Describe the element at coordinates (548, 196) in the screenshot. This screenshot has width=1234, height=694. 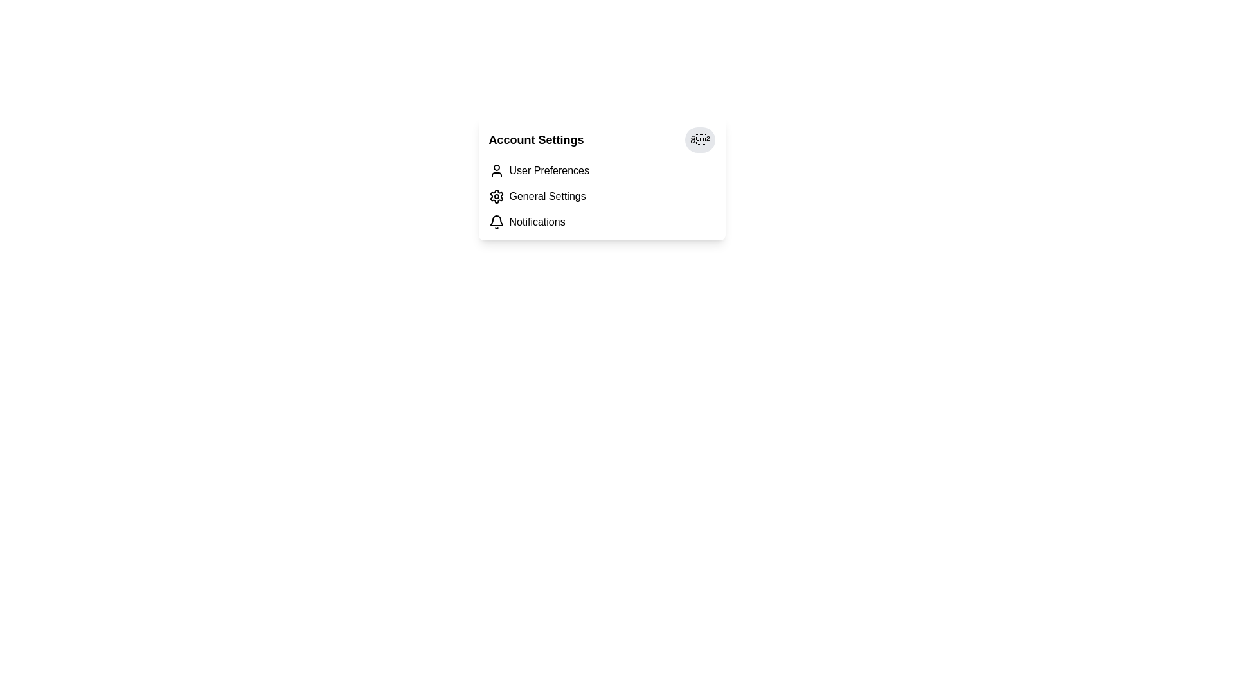
I see `the 'General Settings' menu option` at that location.